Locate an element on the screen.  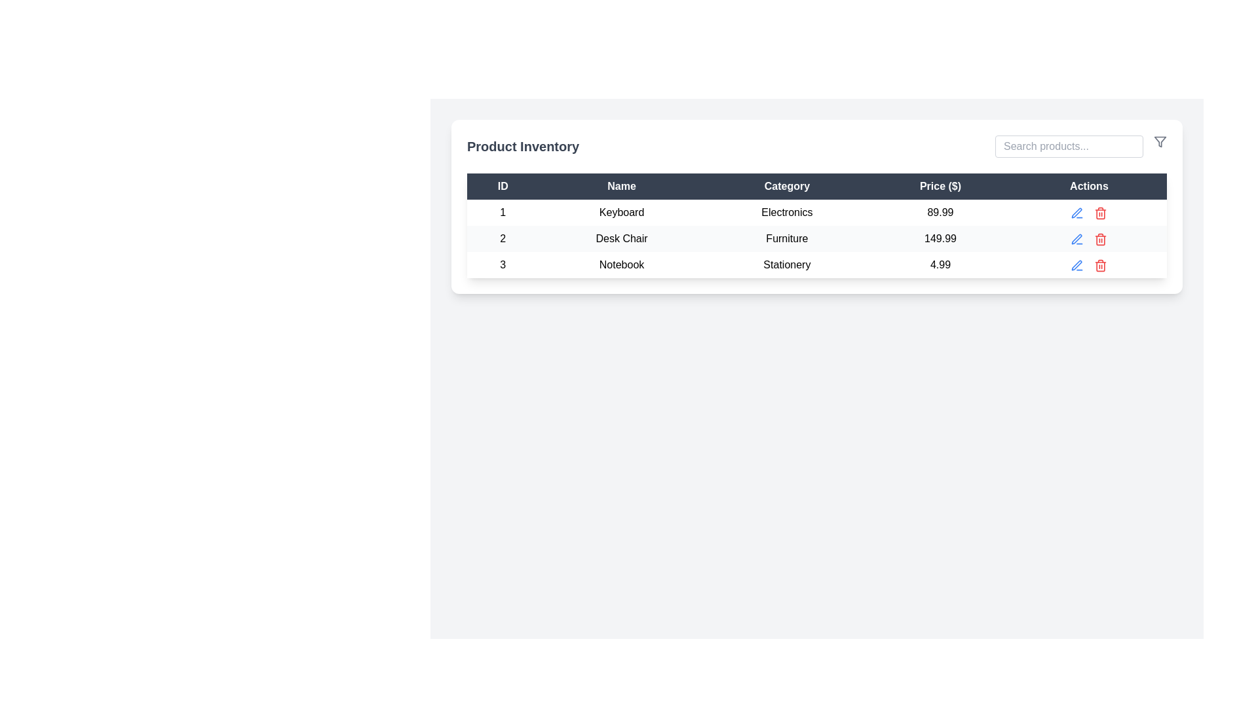
the static text label displaying the name of the product in the second cell under the 'Name' column of the inventory table, which is located in the first row of the table is located at coordinates (621, 211).